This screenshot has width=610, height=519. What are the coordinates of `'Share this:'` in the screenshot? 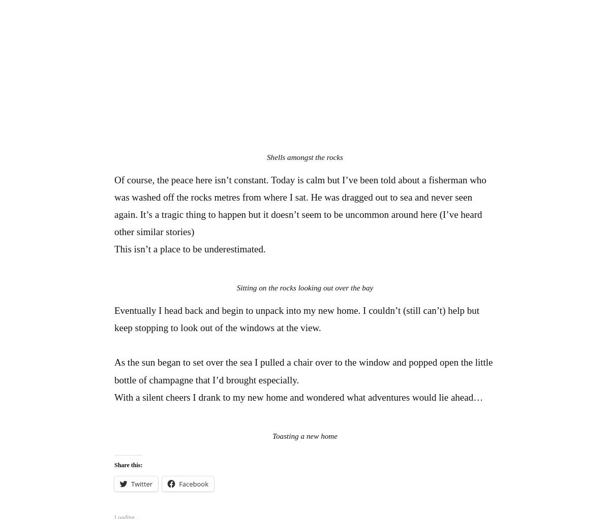 It's located at (128, 464).